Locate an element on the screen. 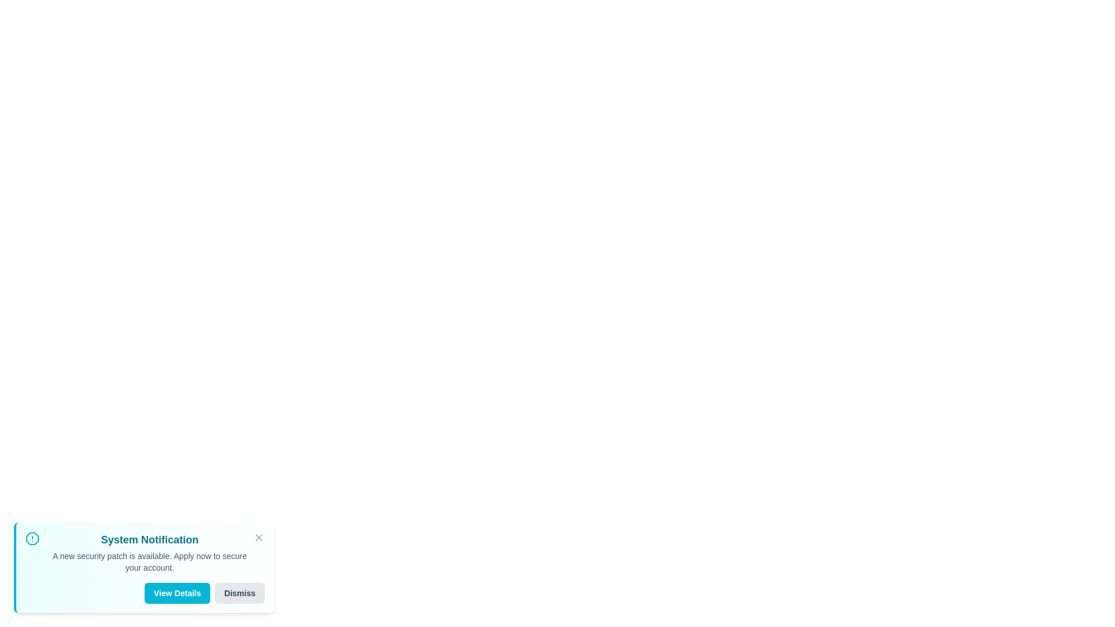 The image size is (1115, 627). the 'Dismiss' button to hide the alert is located at coordinates (239, 593).